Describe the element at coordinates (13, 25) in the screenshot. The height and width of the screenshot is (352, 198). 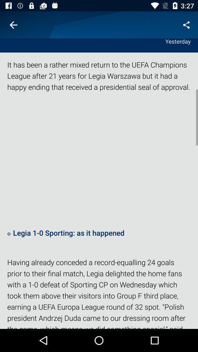
I see `go back` at that location.